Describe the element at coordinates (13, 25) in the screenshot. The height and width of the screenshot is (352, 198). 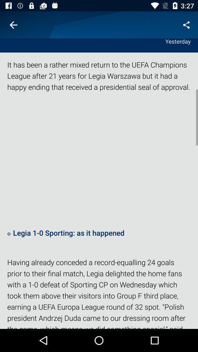
I see `go back` at that location.